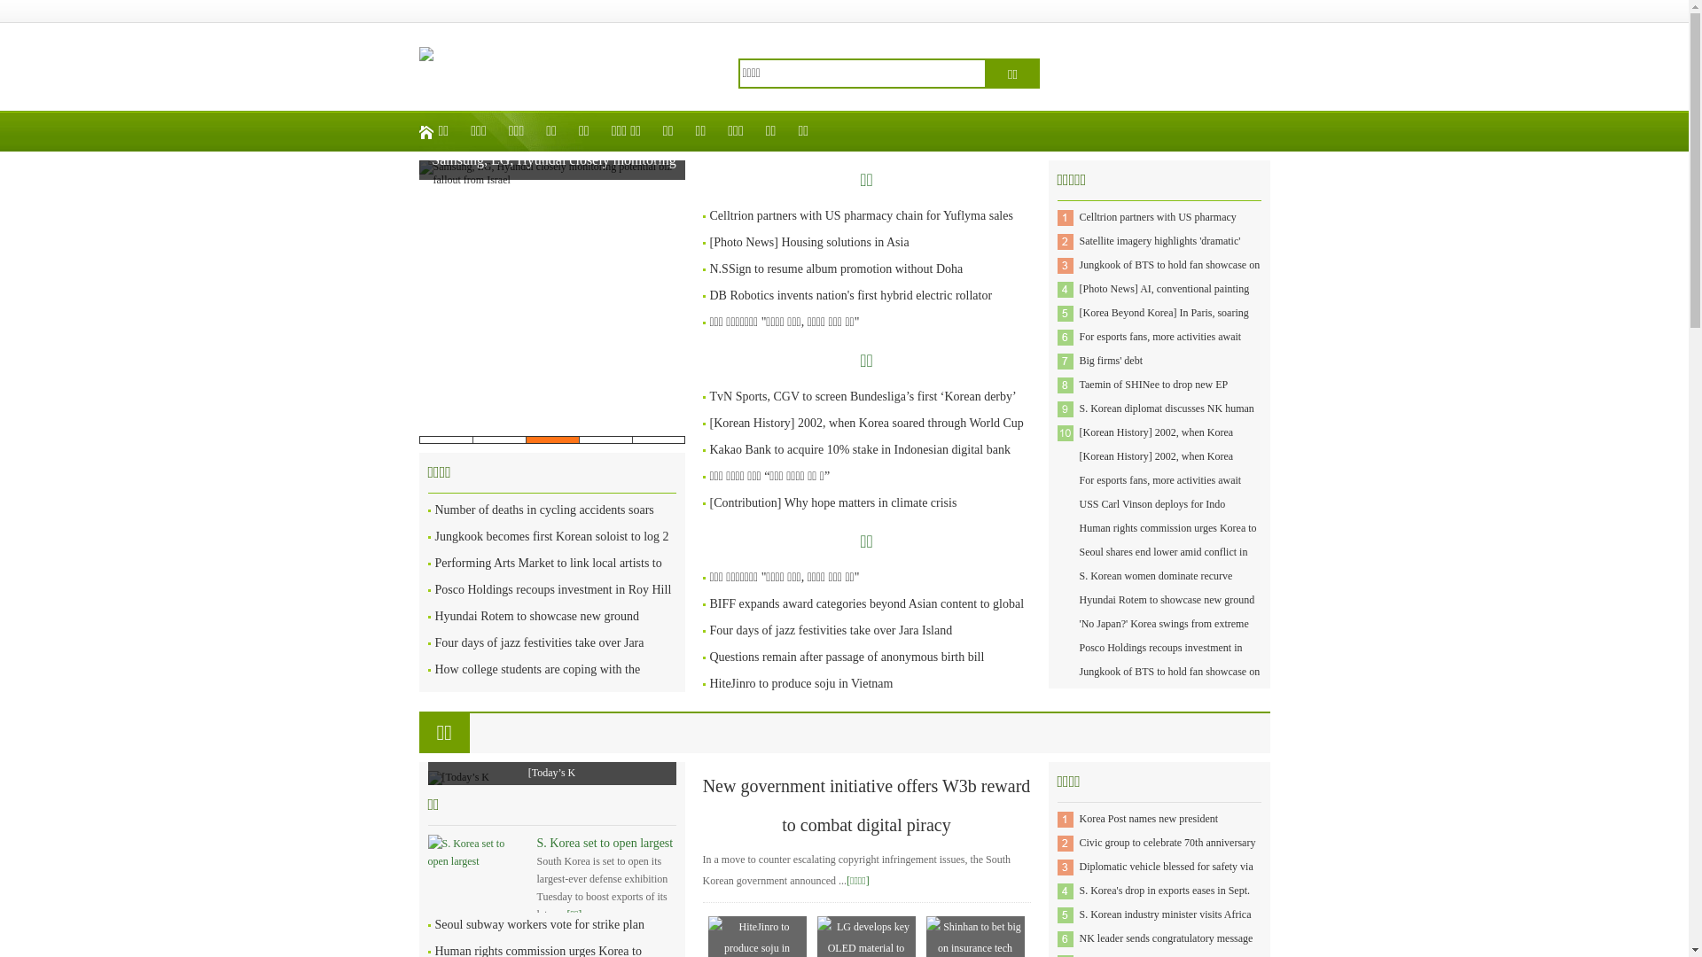 This screenshot has width=1702, height=957. Describe the element at coordinates (849, 294) in the screenshot. I see `'DB Robotics invents nation's first hybrid electric rollator'` at that location.